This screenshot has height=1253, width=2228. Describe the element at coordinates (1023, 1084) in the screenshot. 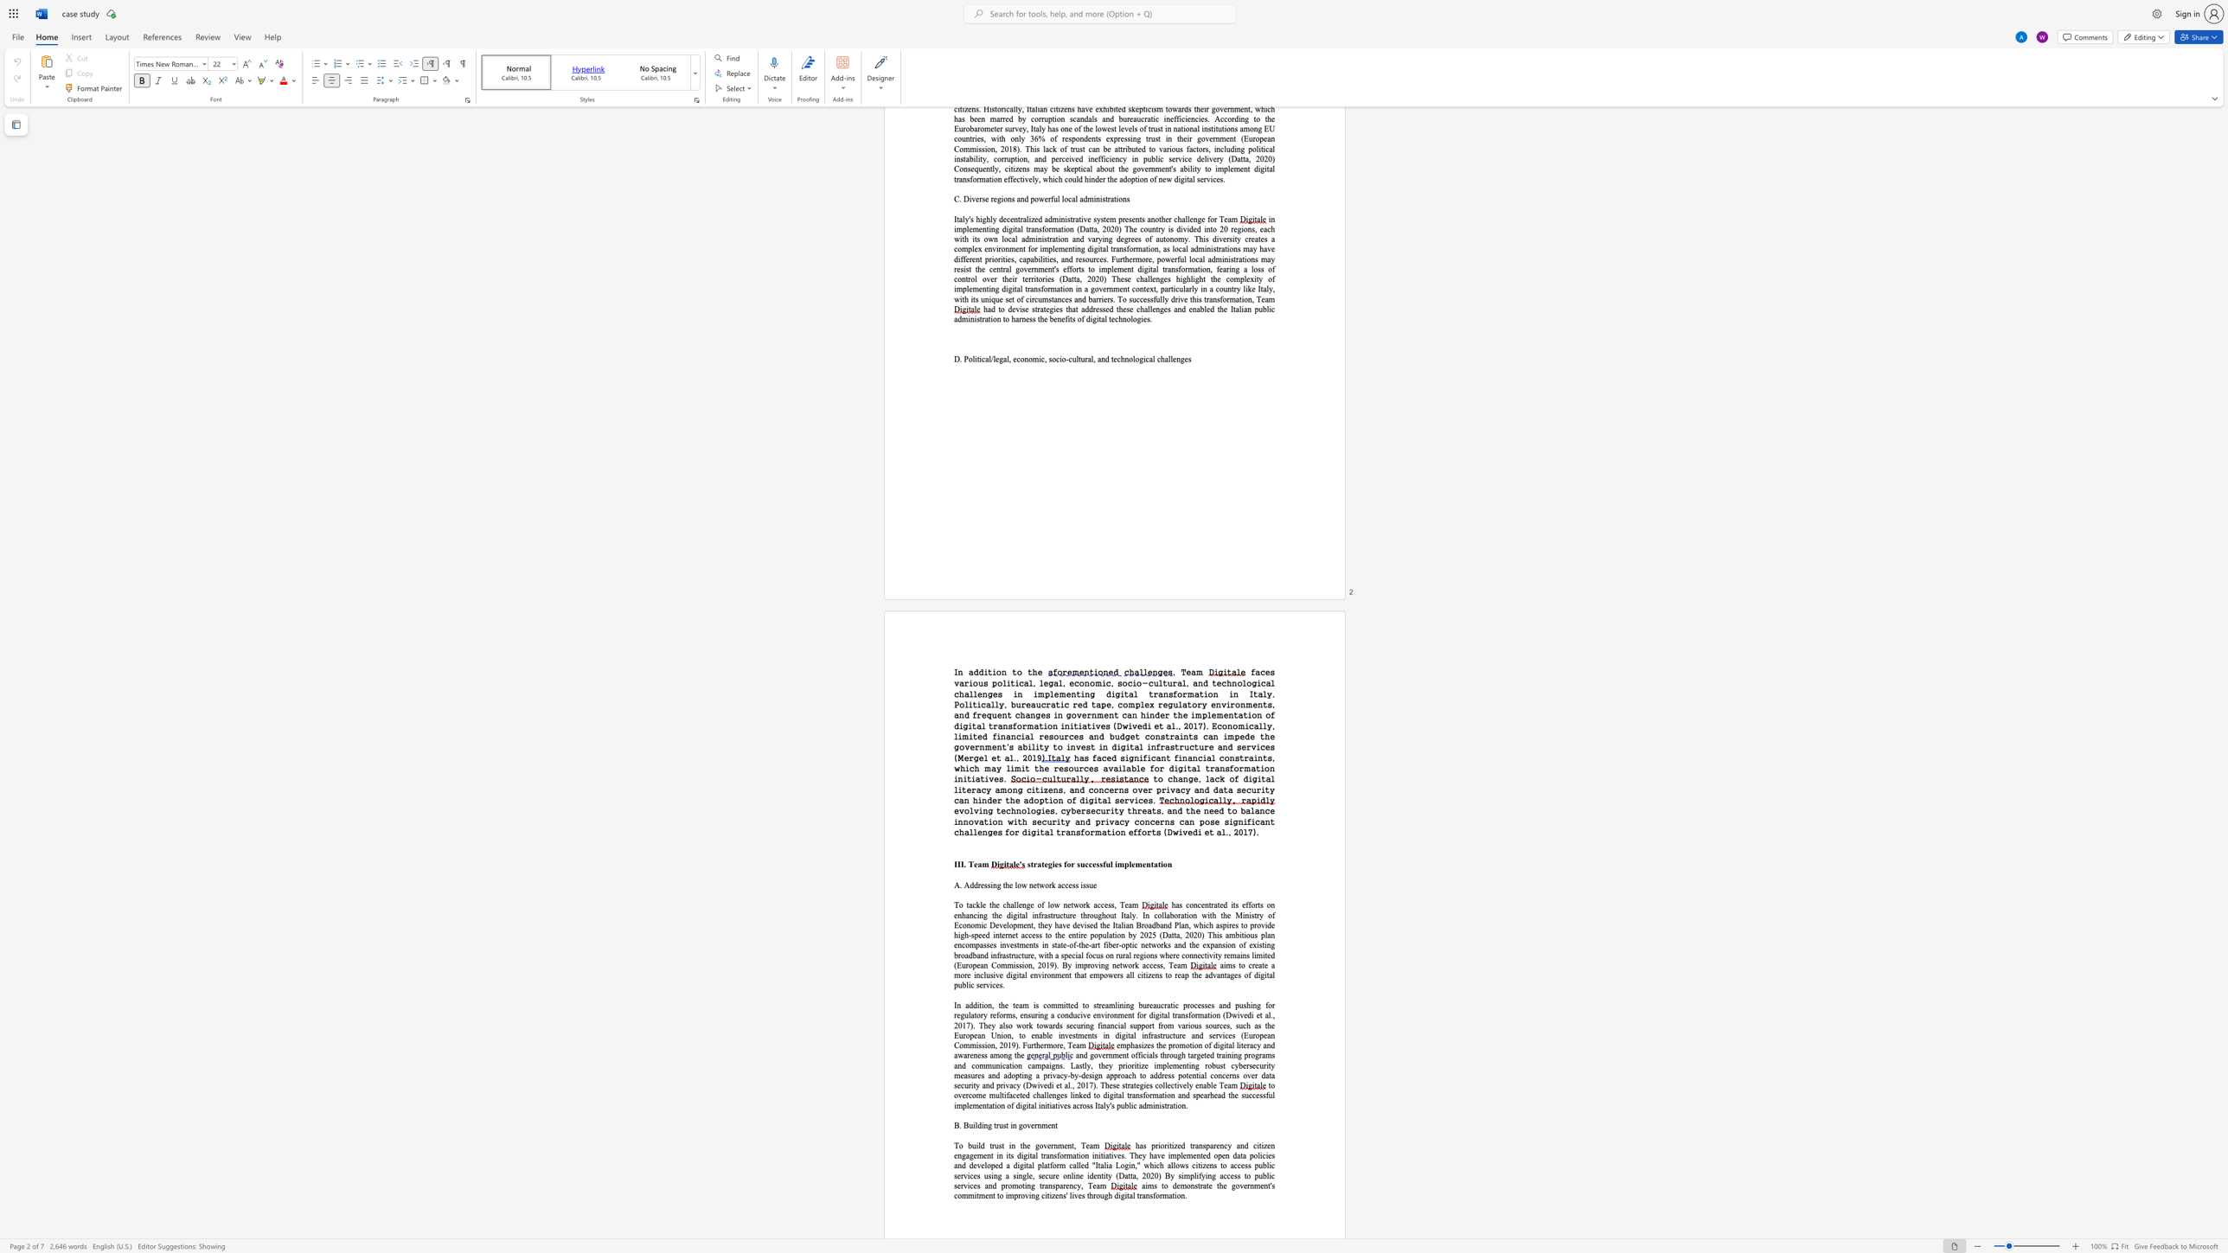

I see `the subset text "(Dwivedi et al., 2017). These strategies collectively enable Tea" within the text "ficials through targeted training programs and communication campaigns. Lastly, they prioritize implementing robust cybersecurity measures and adopting a privacy-by-design approach to address potential concerns over data security and privacy (Dwivedi et al., 2017). These strategies collectively enable Team"` at that location.